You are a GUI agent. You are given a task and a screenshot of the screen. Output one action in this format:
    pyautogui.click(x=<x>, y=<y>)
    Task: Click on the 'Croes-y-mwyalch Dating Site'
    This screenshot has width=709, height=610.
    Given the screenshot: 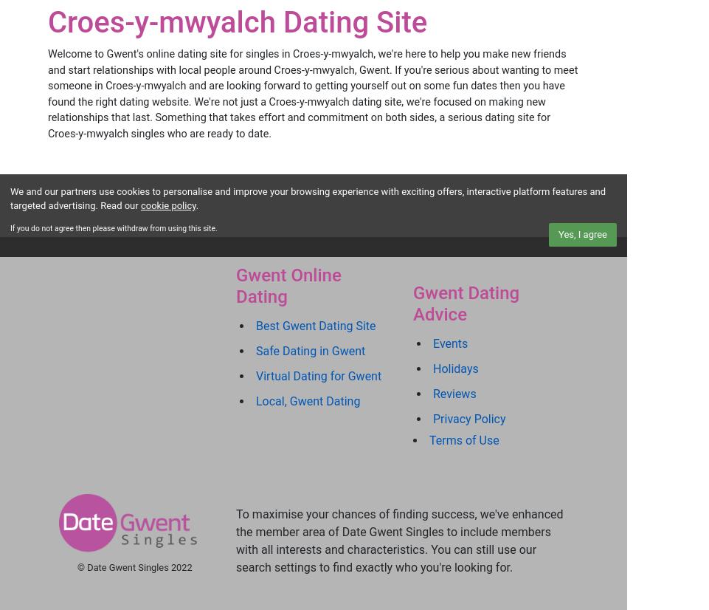 What is the action you would take?
    pyautogui.click(x=237, y=21)
    